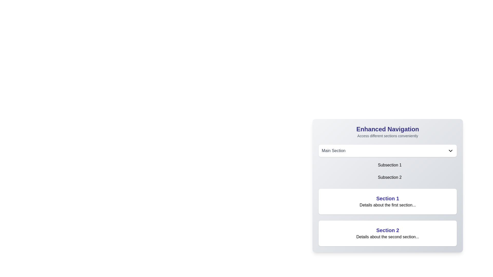 The height and width of the screenshot is (277, 493). Describe the element at coordinates (388, 135) in the screenshot. I see `the static text label that provides additional context for the 'Enhanced Navigation' section, located beneath it and horizontally centered` at that location.